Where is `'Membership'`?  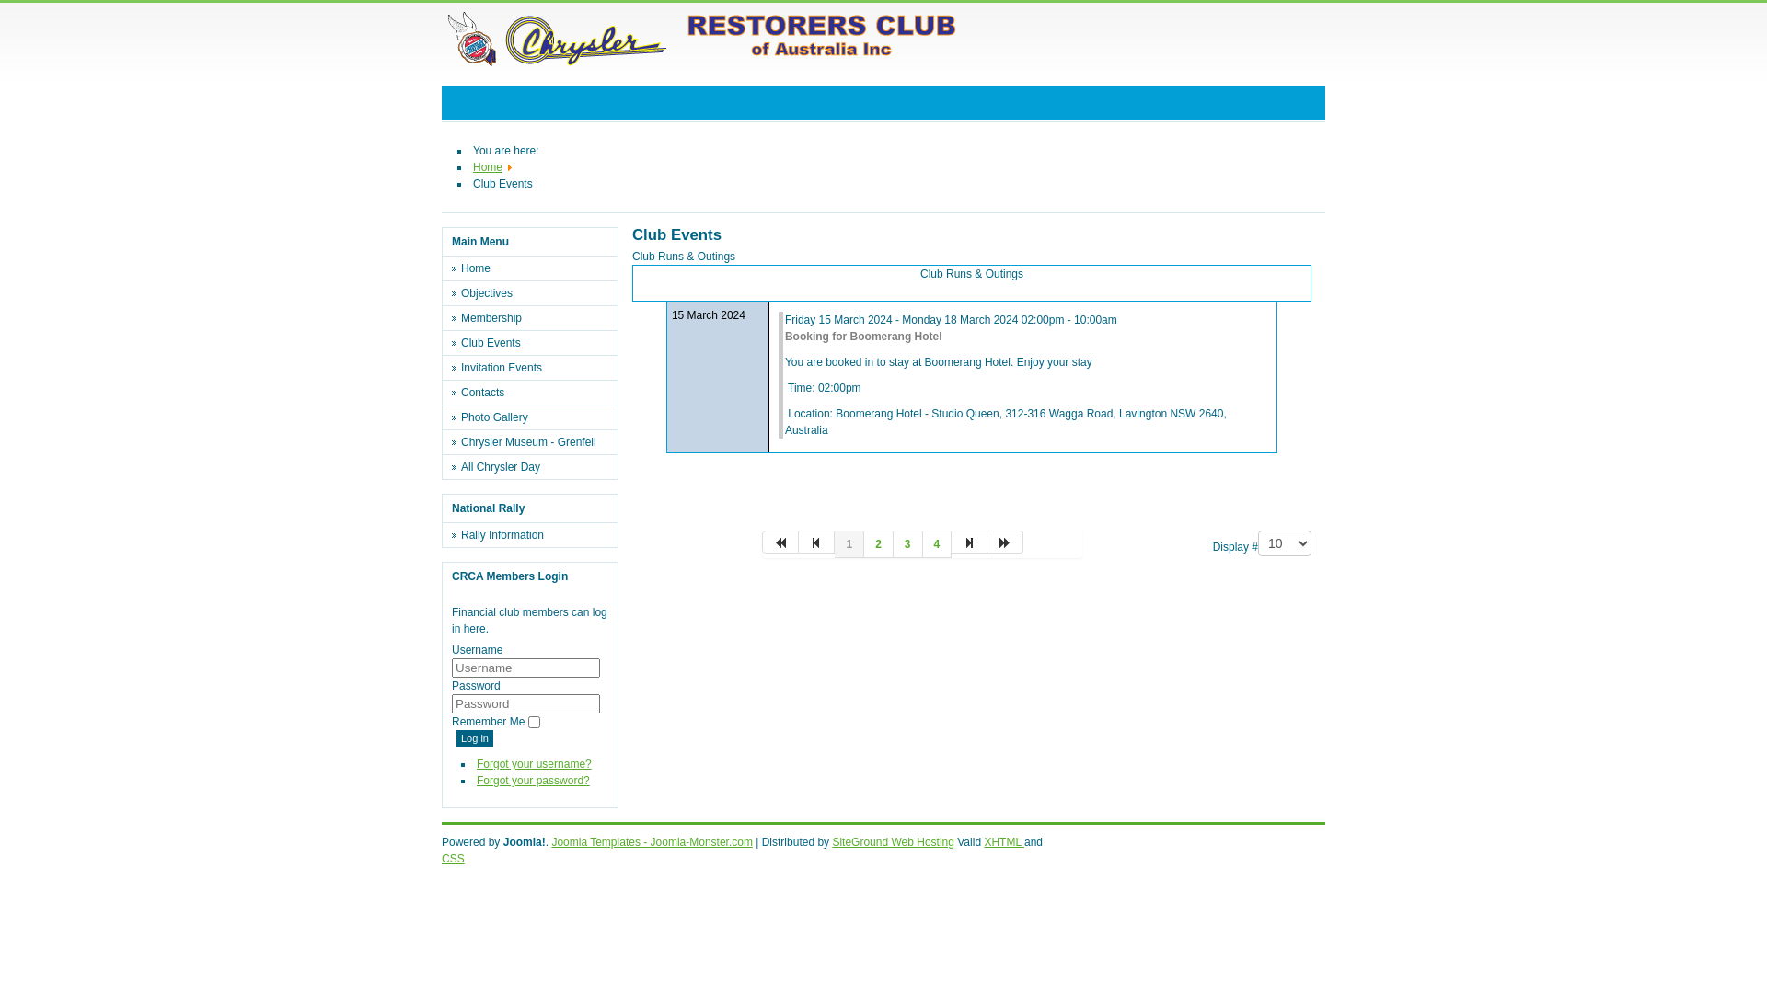 'Membership' is located at coordinates (533, 317).